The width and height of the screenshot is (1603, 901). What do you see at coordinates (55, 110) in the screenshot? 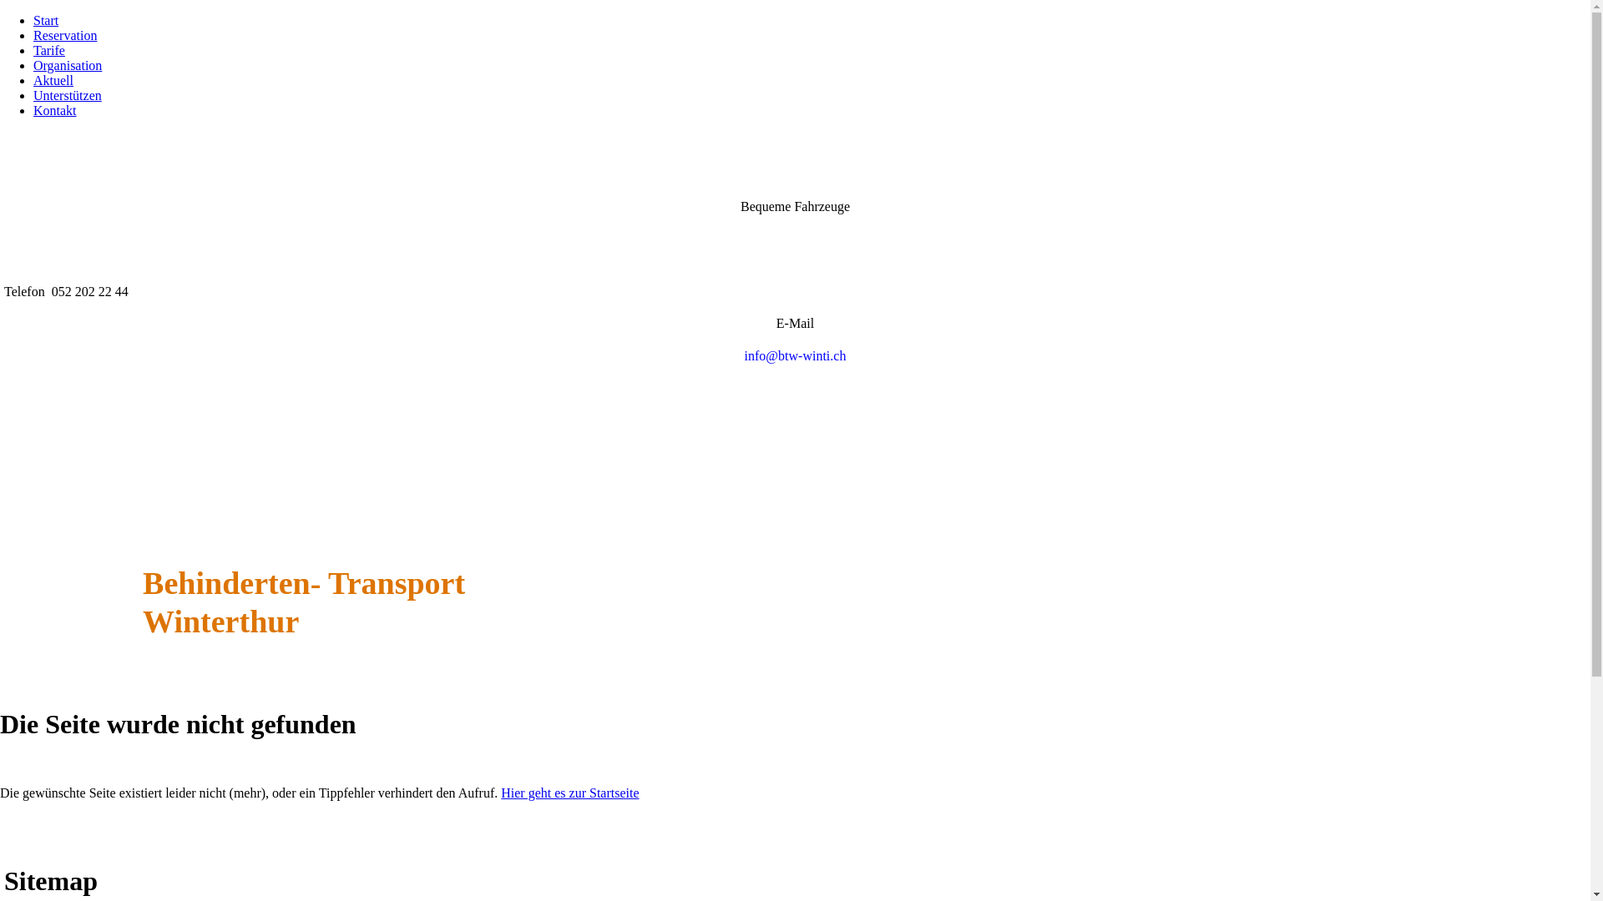
I see `'Kontakt'` at bounding box center [55, 110].